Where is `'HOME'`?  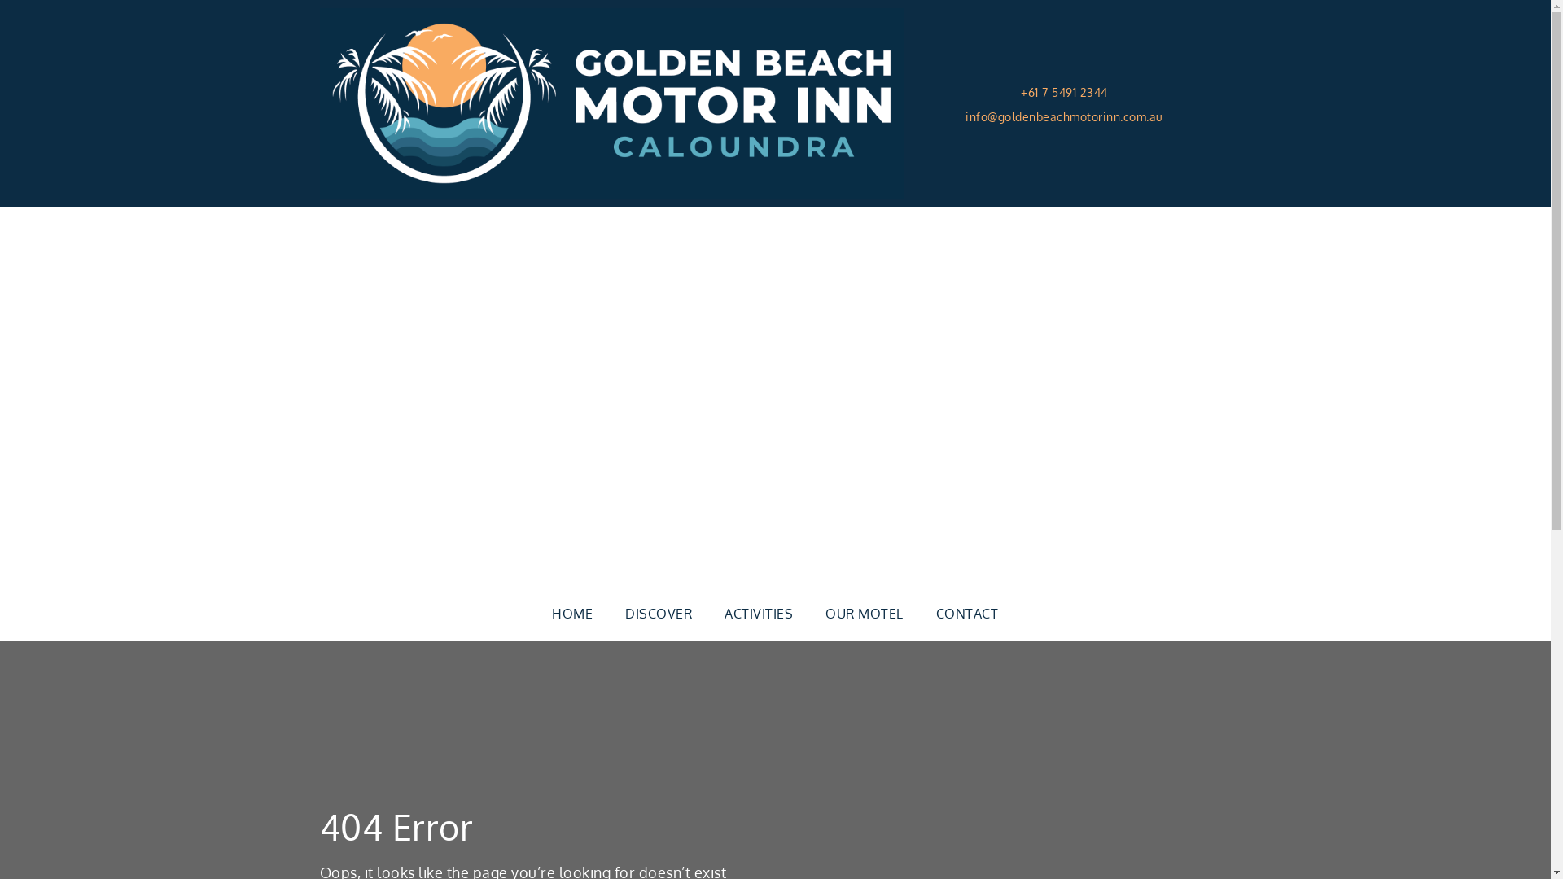 'HOME' is located at coordinates (571, 613).